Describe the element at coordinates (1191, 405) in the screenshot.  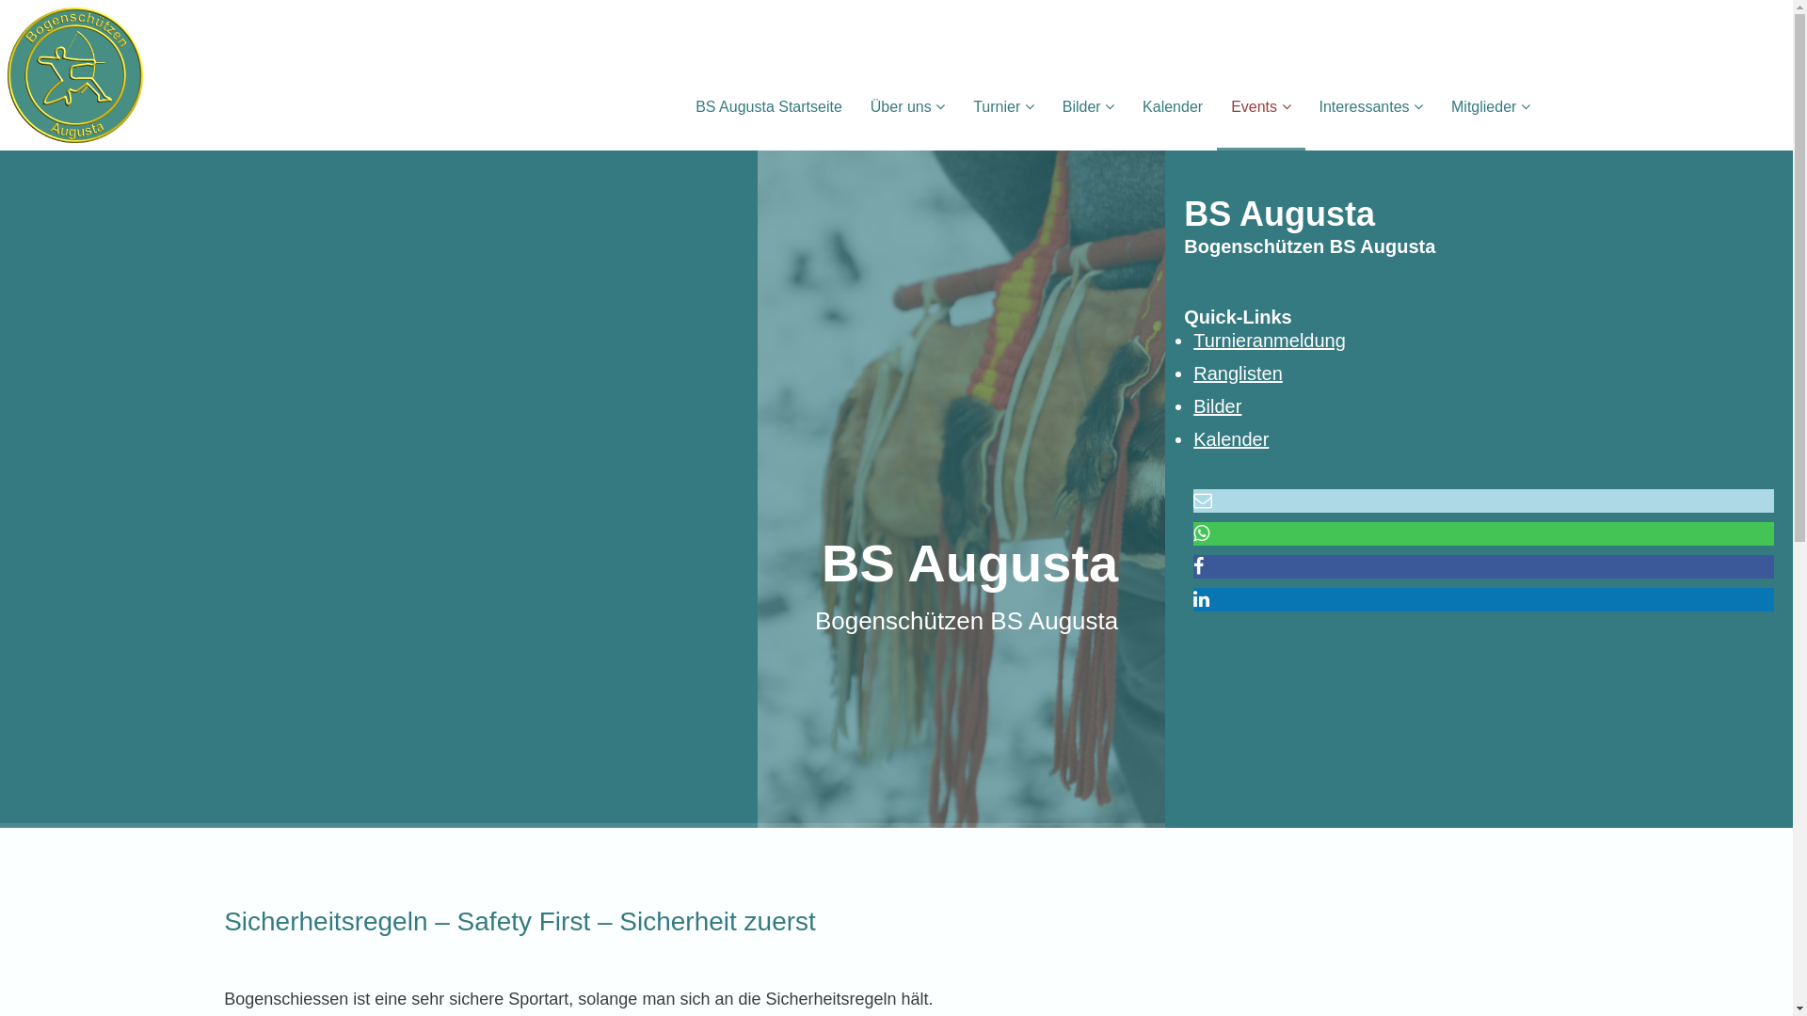
I see `'Bilder'` at that location.